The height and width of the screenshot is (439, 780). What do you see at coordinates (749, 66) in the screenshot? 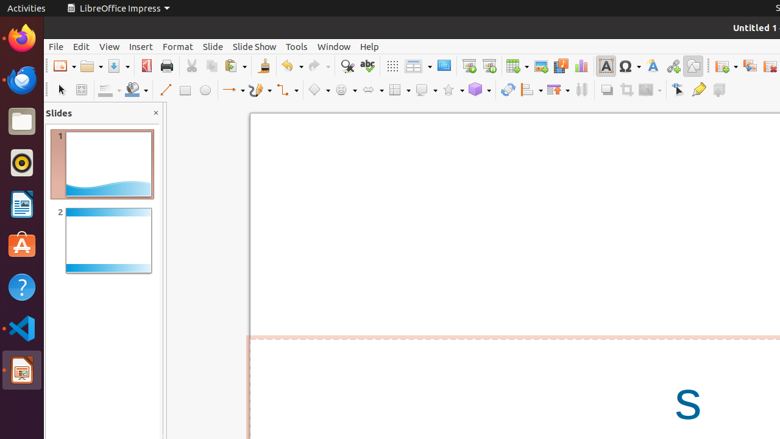
I see `'Duplicate Slide'` at bounding box center [749, 66].